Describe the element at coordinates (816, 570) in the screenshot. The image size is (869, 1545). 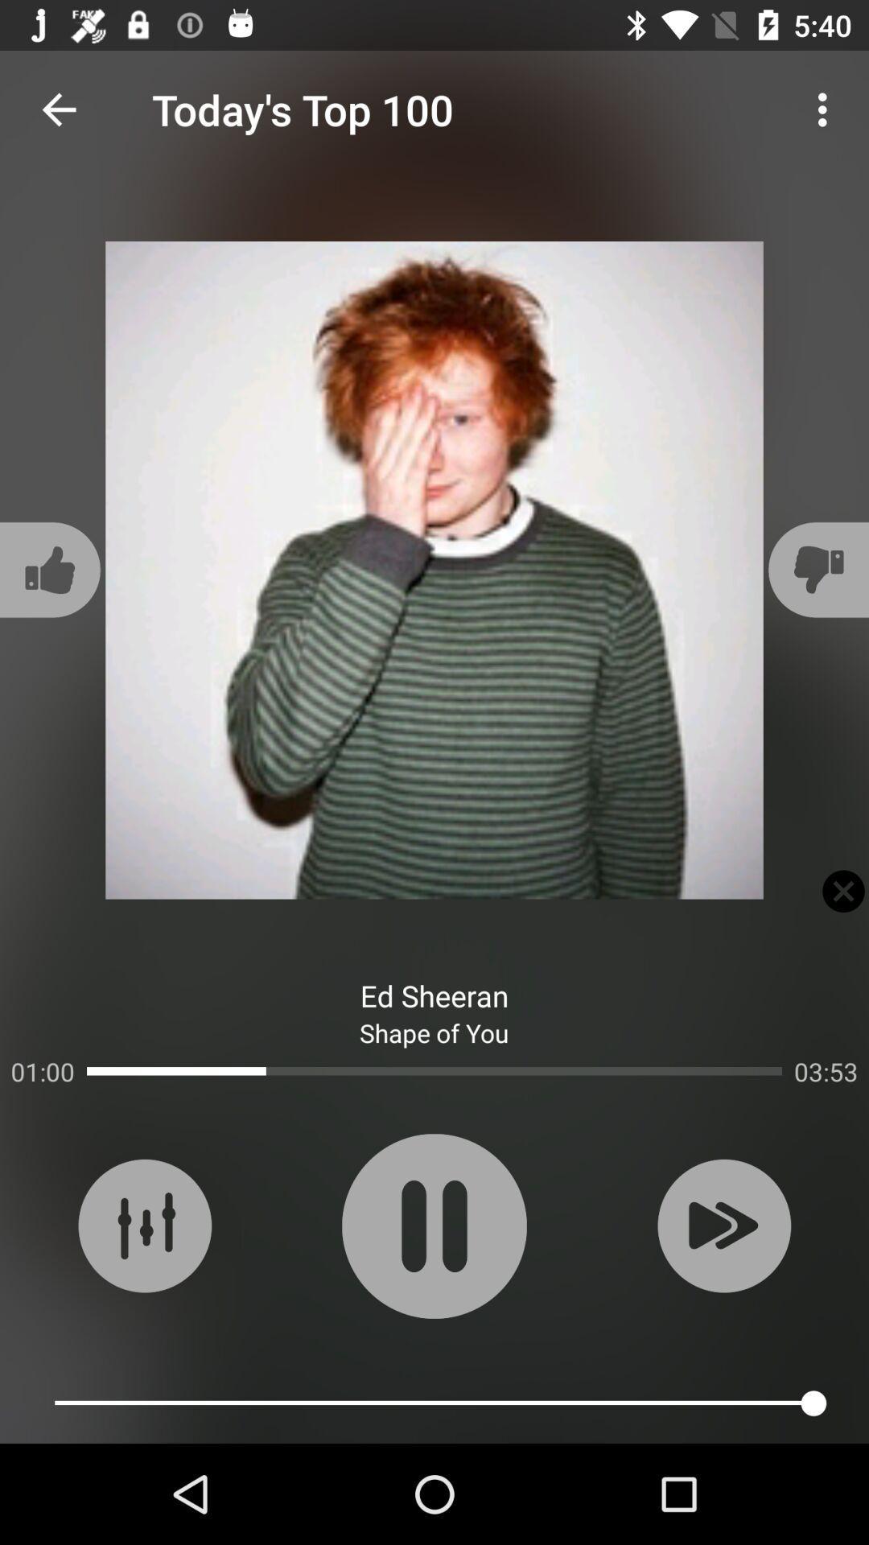
I see `the thumbs_down icon` at that location.